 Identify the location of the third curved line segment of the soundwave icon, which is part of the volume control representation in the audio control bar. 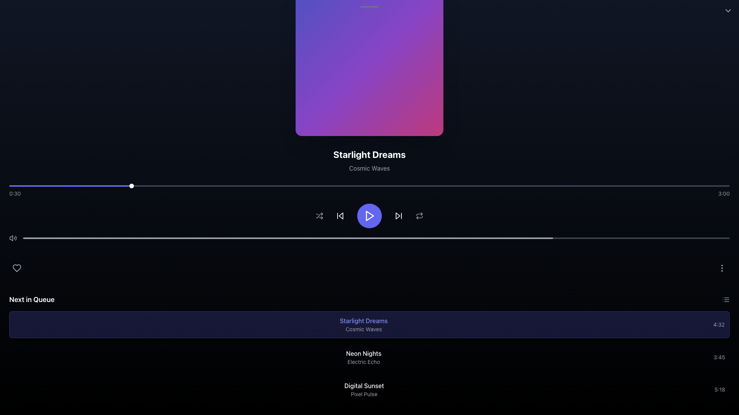
(16, 238).